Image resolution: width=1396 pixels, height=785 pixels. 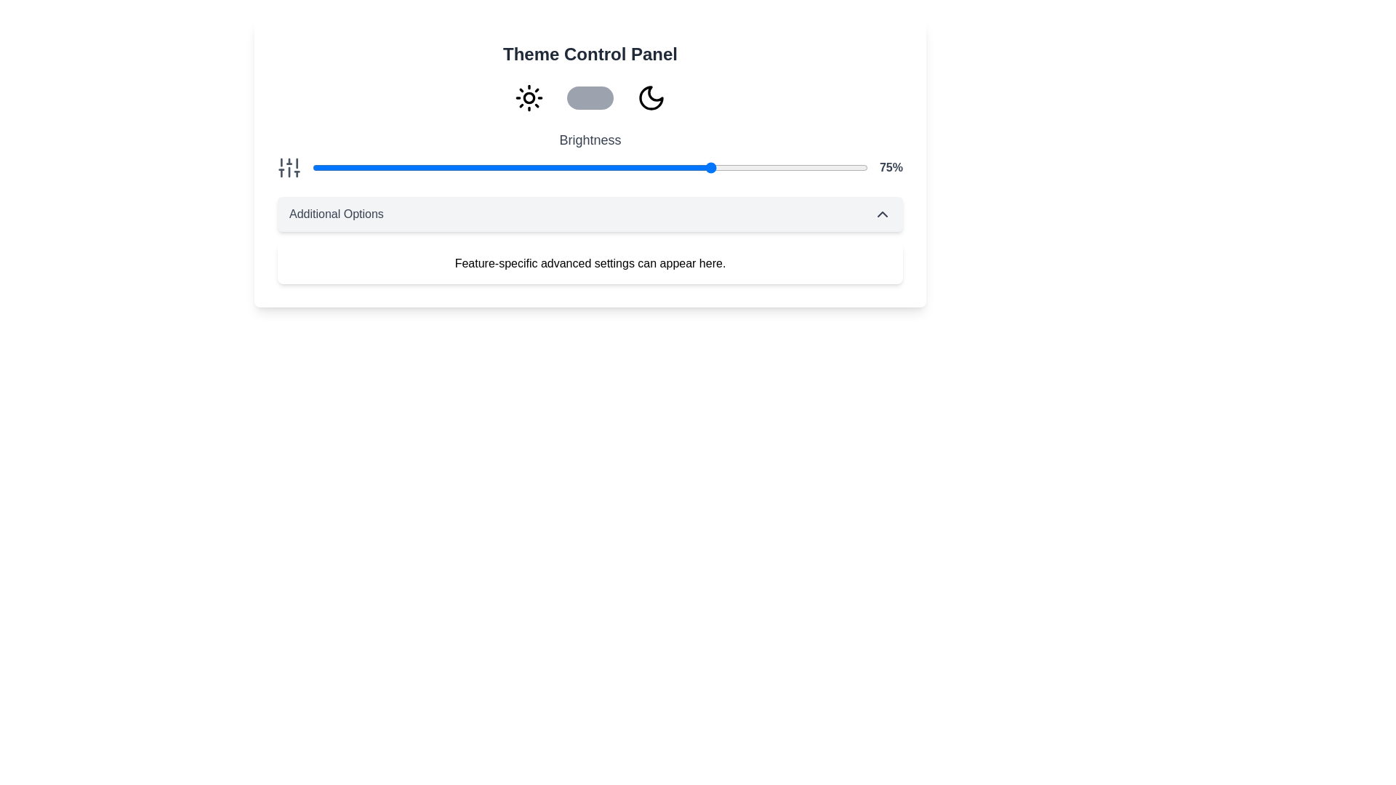 What do you see at coordinates (492, 167) in the screenshot?
I see `the brightness level` at bounding box center [492, 167].